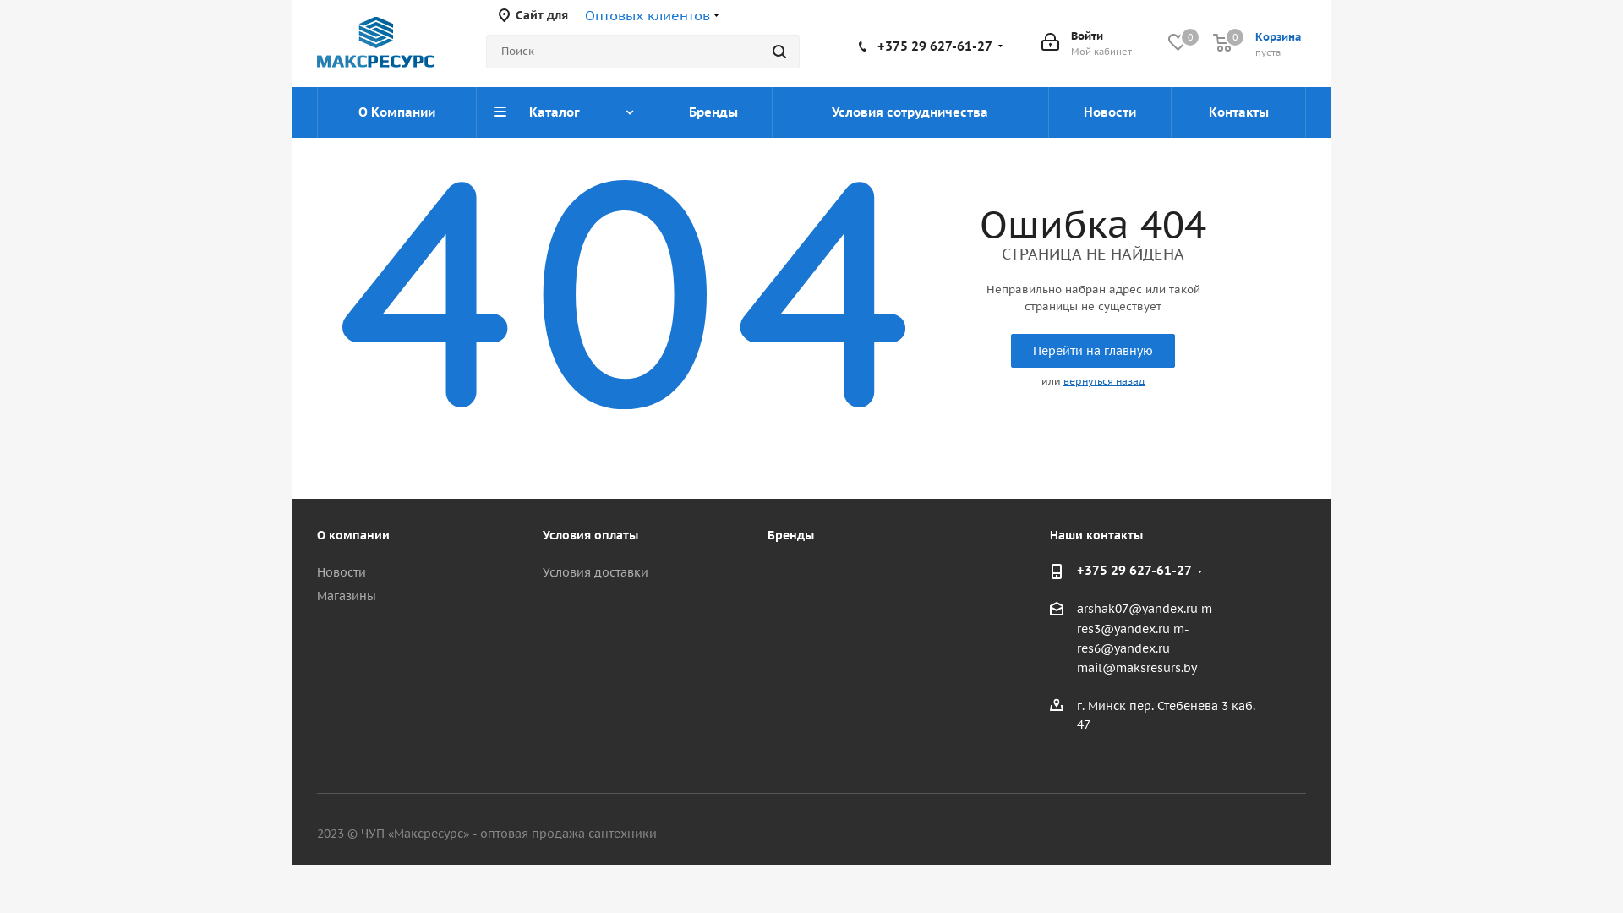 The width and height of the screenshot is (1623, 913). What do you see at coordinates (933, 44) in the screenshot?
I see `'+375 29 627-61-27'` at bounding box center [933, 44].